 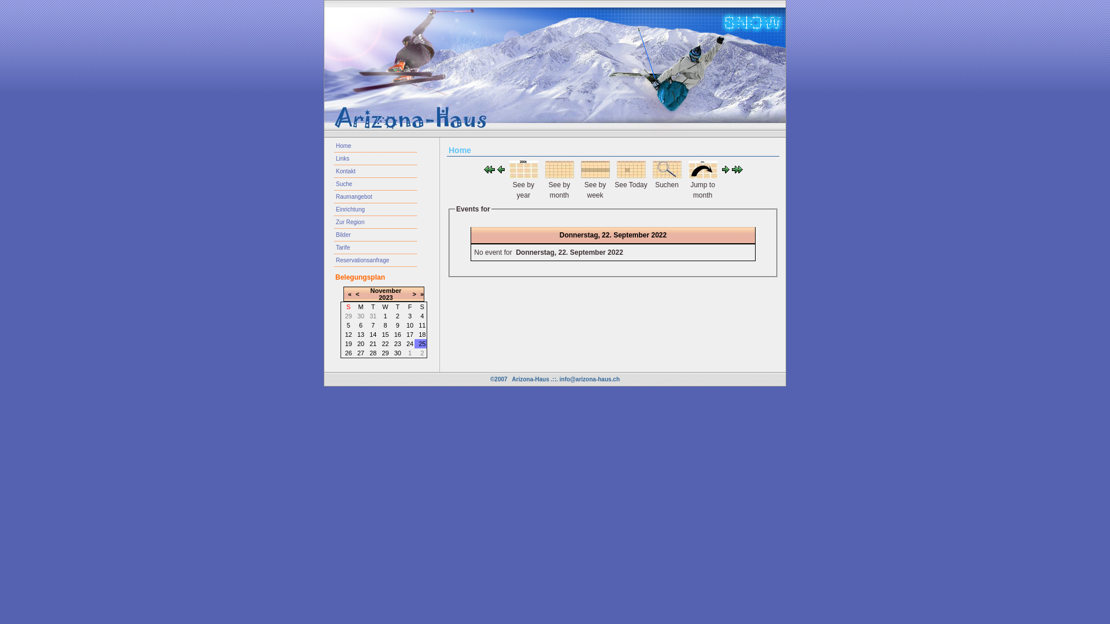 What do you see at coordinates (375, 222) in the screenshot?
I see `'Zur Region'` at bounding box center [375, 222].